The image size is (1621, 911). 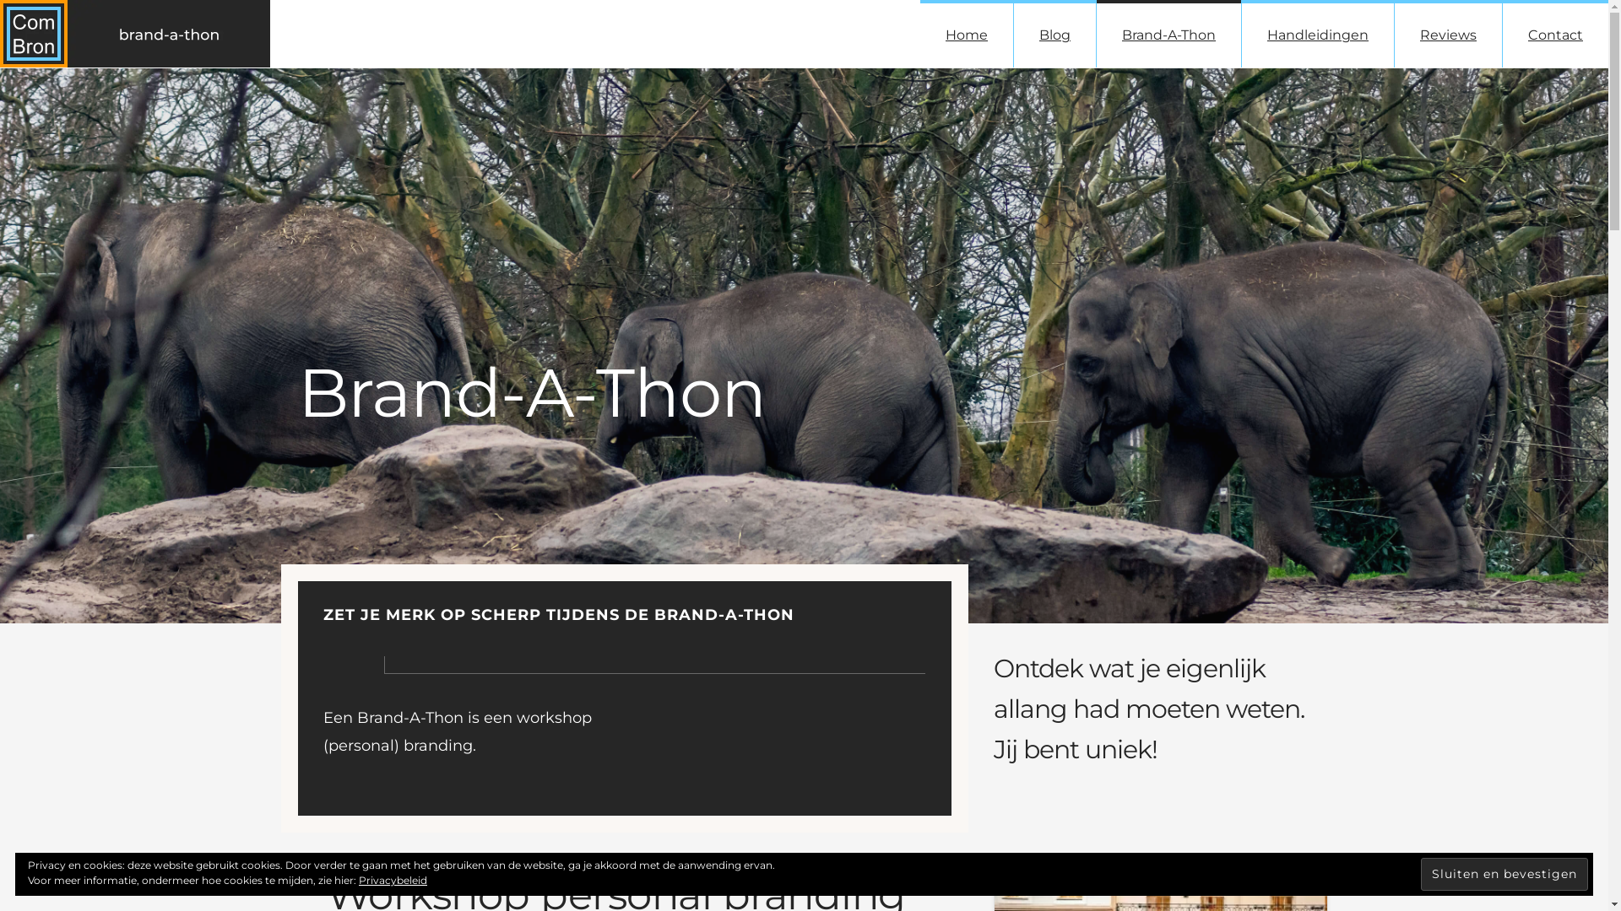 I want to click on 'OVER COMBRON', so click(x=347, y=862).